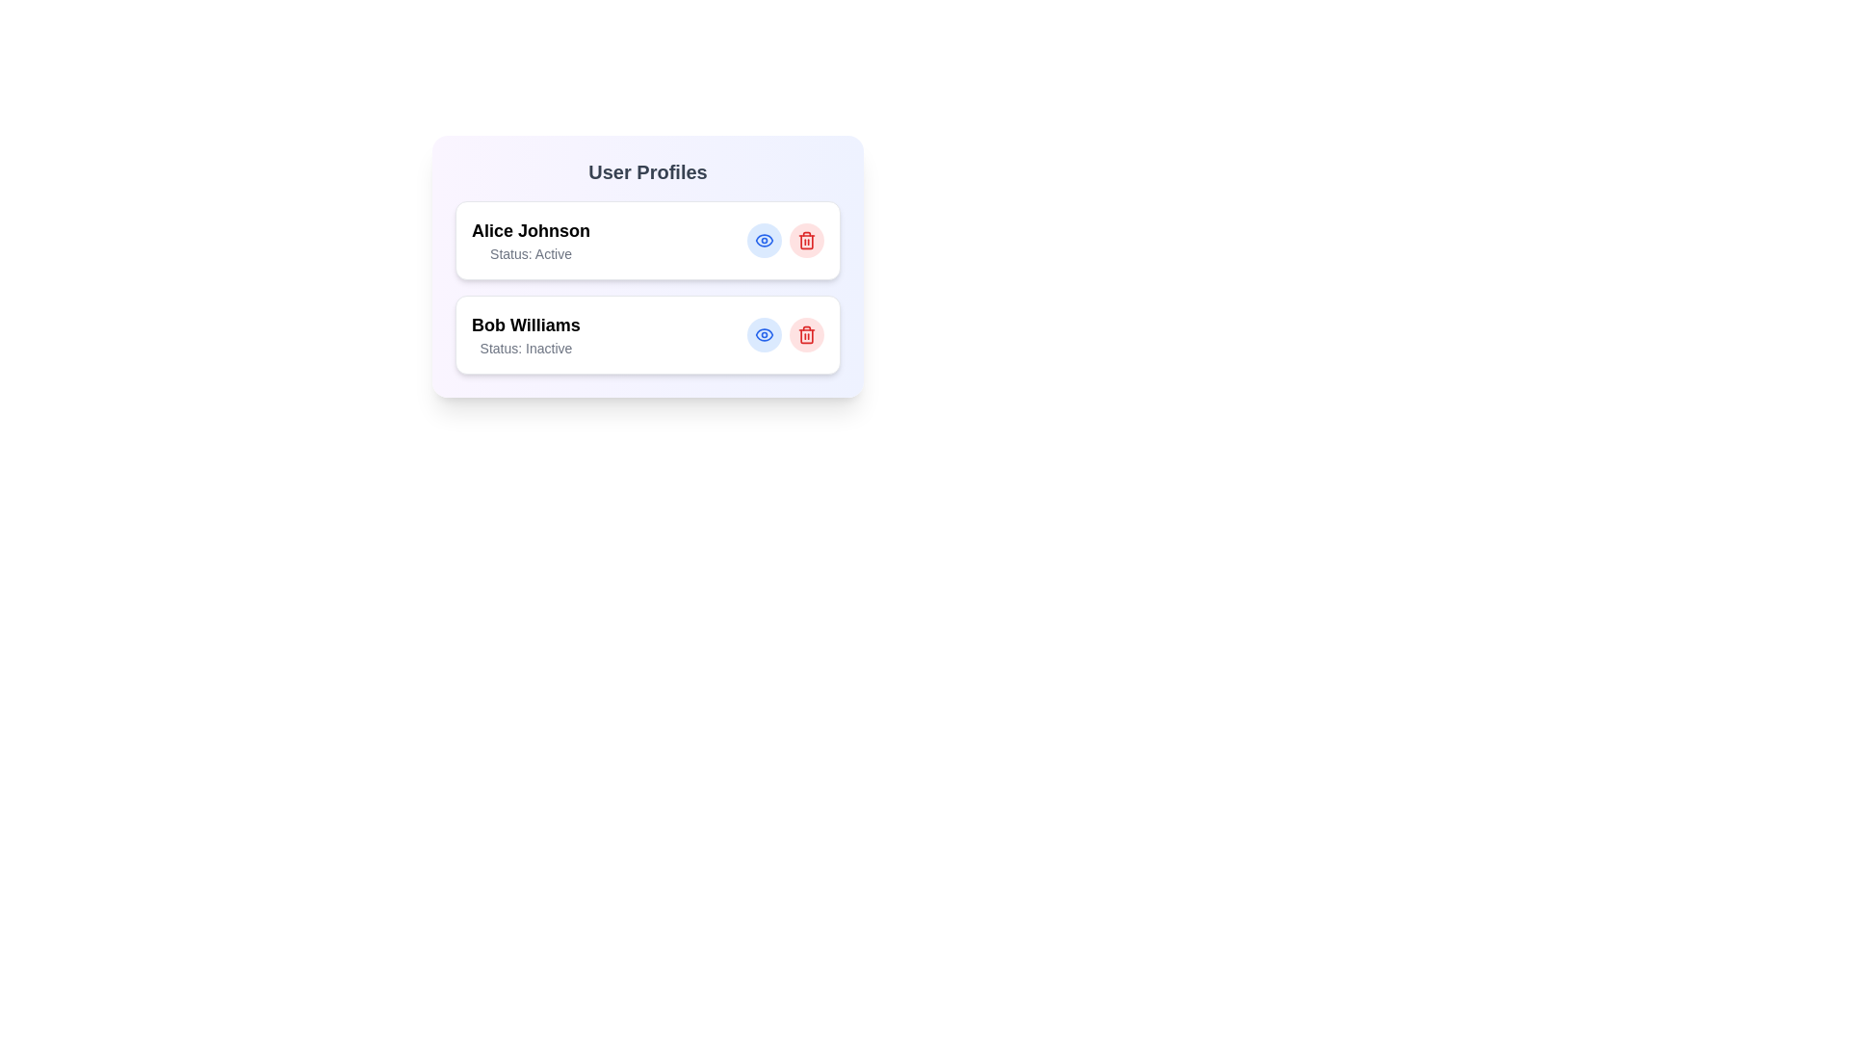 Image resolution: width=1849 pixels, height=1040 pixels. What do you see at coordinates (807, 240) in the screenshot?
I see `trash icon associated with the user profile named Alice Johnson to delete it` at bounding box center [807, 240].